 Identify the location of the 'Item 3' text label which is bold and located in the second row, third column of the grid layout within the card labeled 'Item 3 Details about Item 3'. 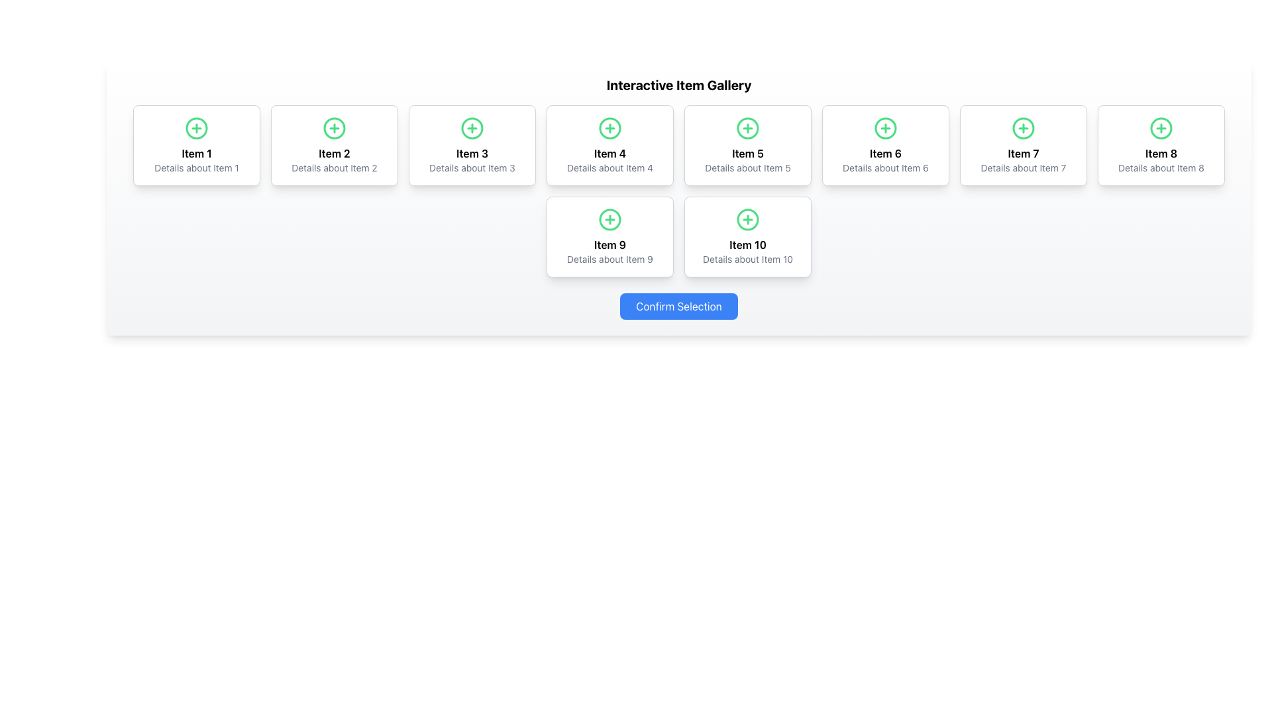
(472, 152).